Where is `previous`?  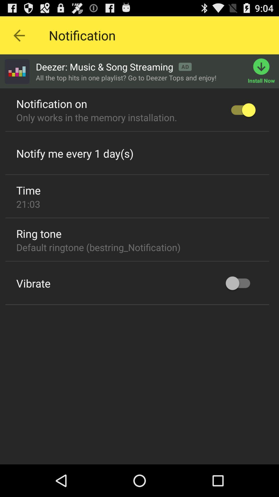 previous is located at coordinates (19, 35).